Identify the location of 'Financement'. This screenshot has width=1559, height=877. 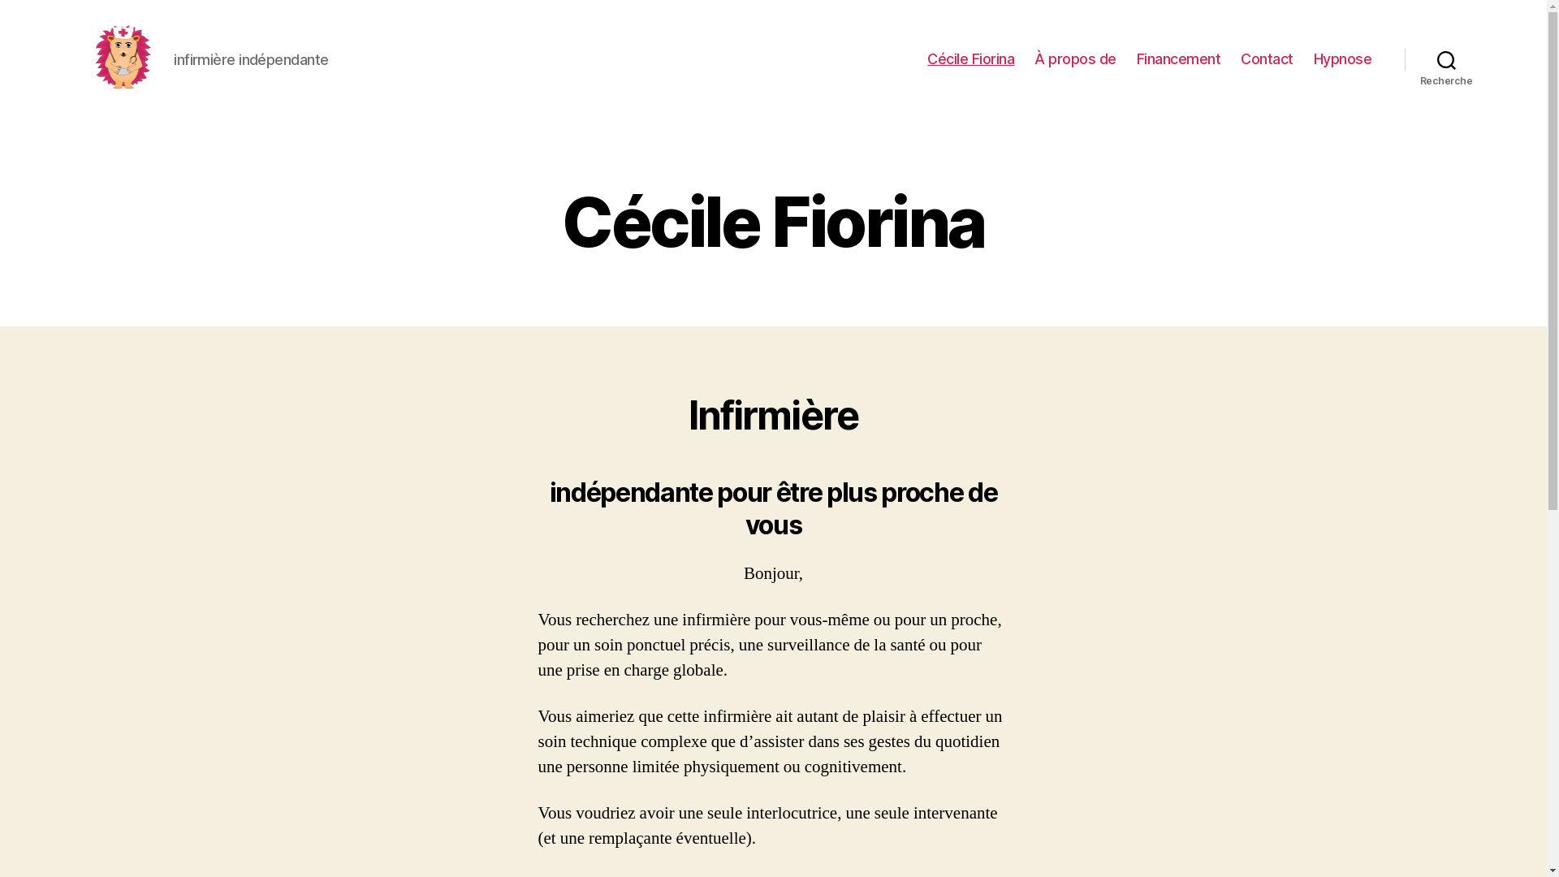
(1178, 58).